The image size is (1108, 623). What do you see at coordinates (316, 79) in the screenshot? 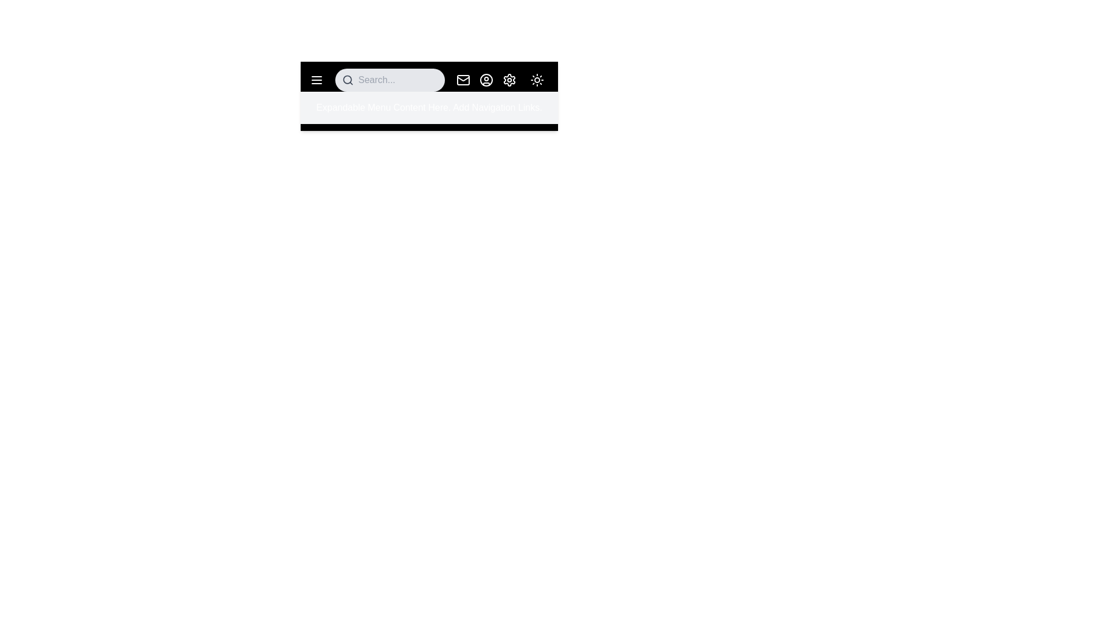
I see `the menu icon to toggle the menu expansion` at bounding box center [316, 79].